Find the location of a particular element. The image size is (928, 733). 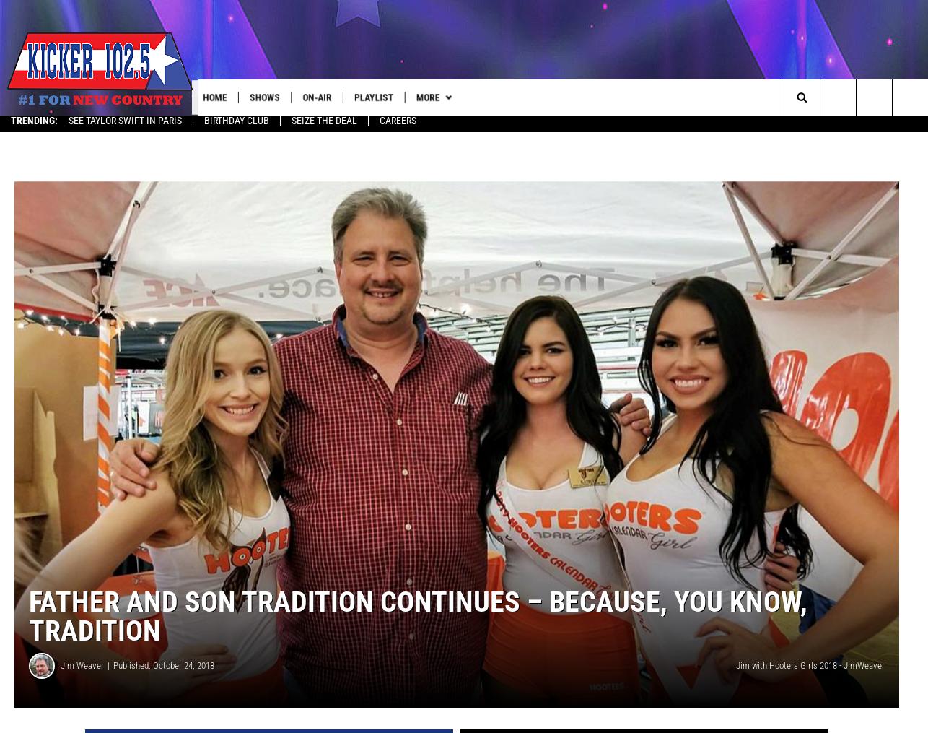

'Seize The Deal' is located at coordinates (323, 126).